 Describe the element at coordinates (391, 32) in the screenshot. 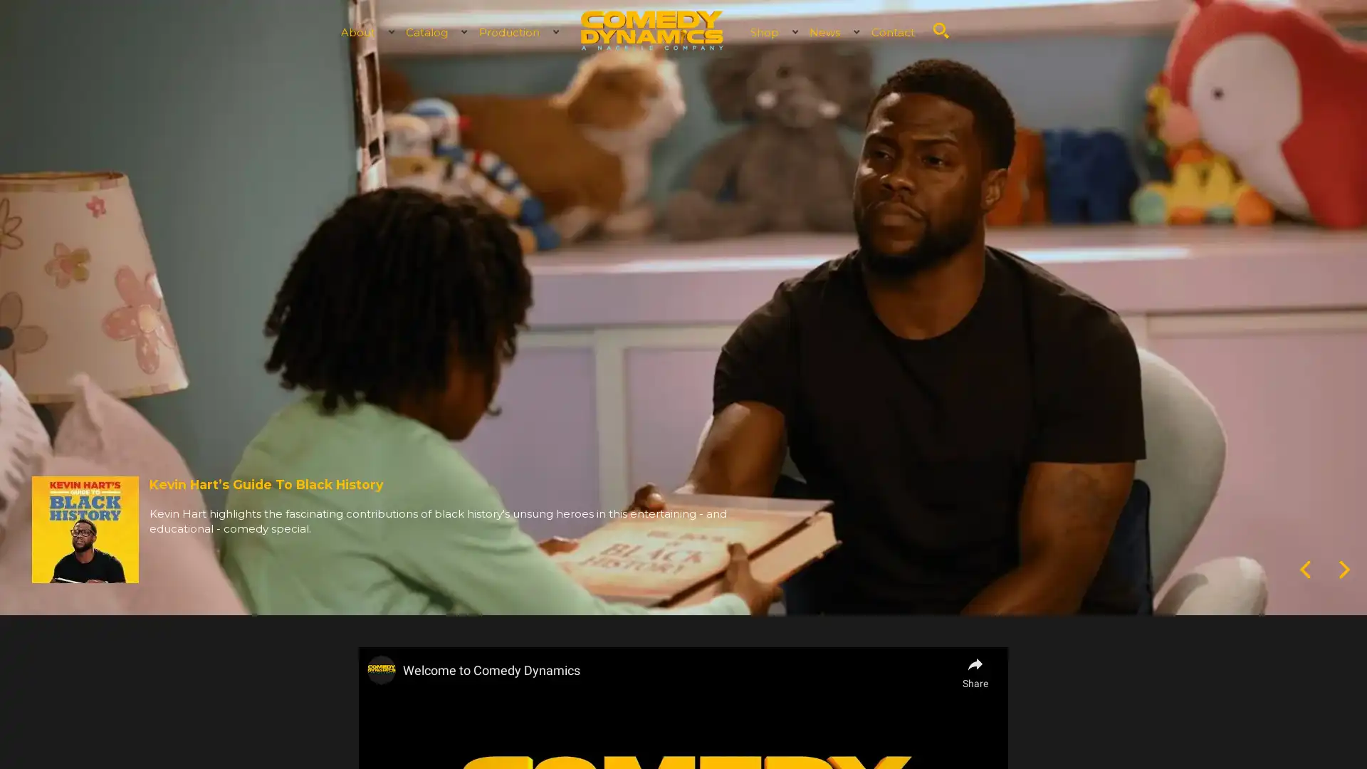

I see `Expand child menu` at that location.